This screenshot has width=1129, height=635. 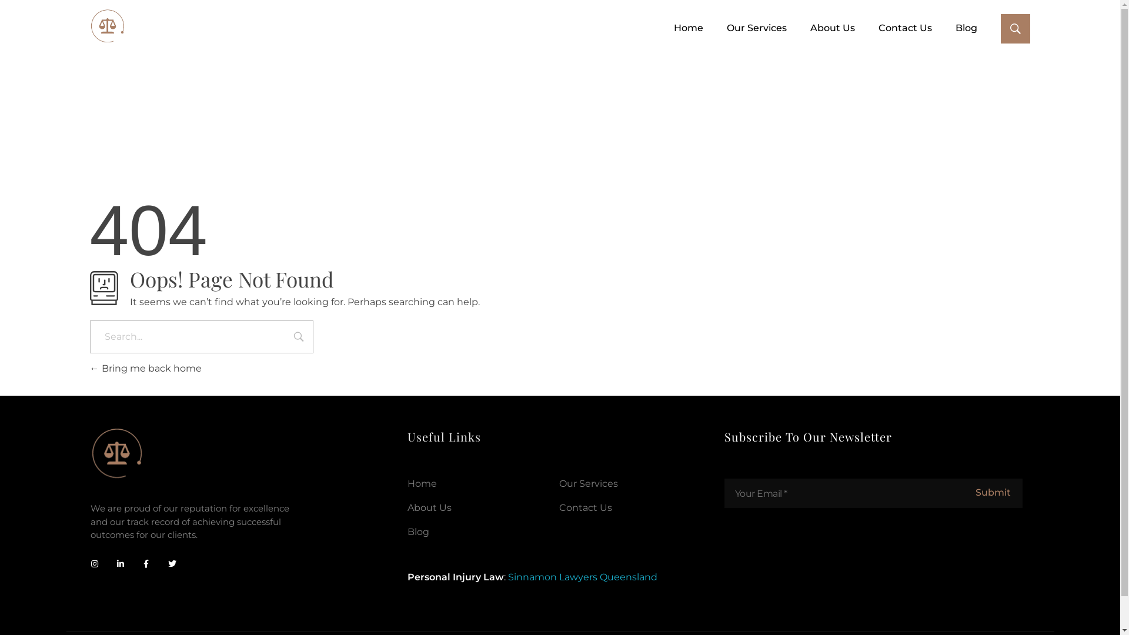 I want to click on 'Business and Family Law', so click(x=89, y=50).